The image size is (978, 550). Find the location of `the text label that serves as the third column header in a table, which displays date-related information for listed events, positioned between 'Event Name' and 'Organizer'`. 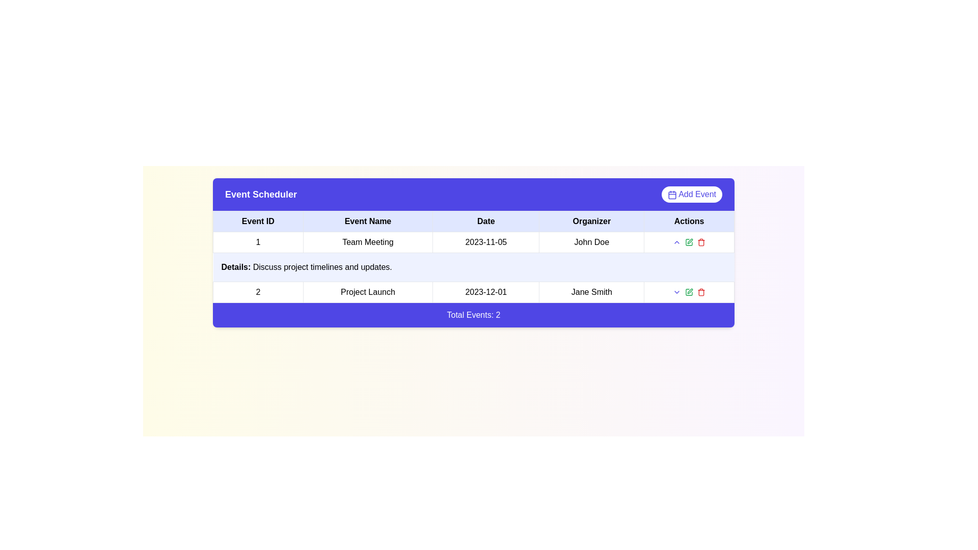

the text label that serves as the third column header in a table, which displays date-related information for listed events, positioned between 'Event Name' and 'Organizer' is located at coordinates (485, 221).